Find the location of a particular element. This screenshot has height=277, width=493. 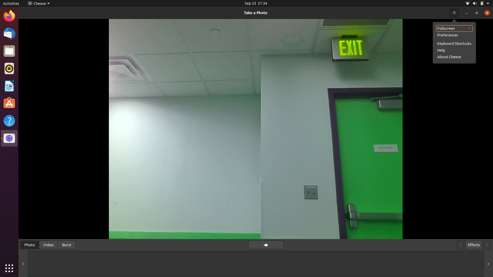

Exit the camera viewing window is located at coordinates (485, 12).